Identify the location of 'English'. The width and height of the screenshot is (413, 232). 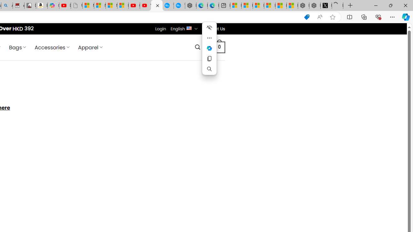
(189, 27).